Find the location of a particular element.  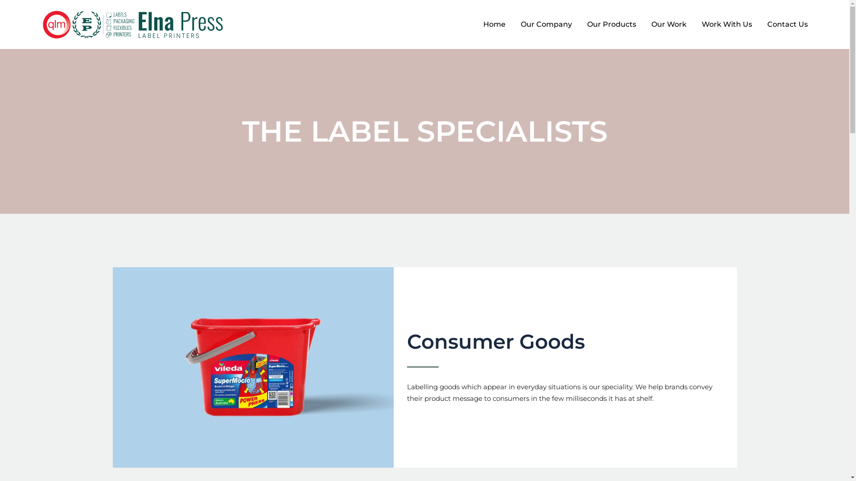

'Our Work' is located at coordinates (644, 24).